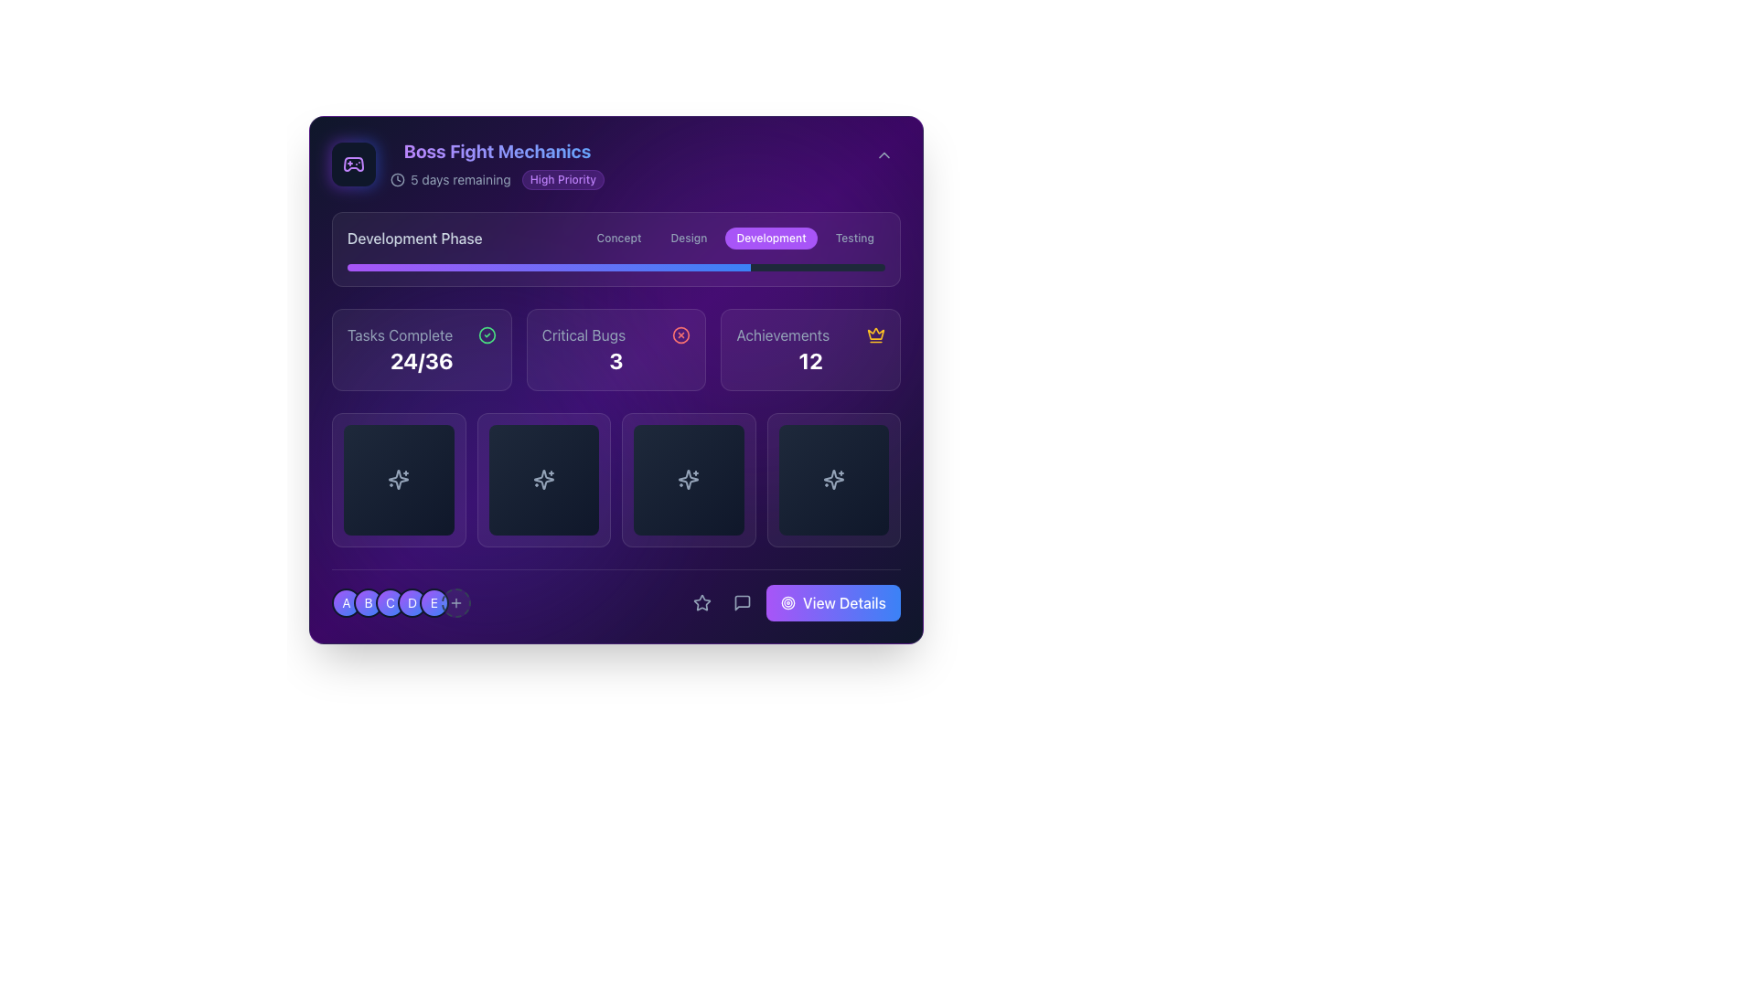 This screenshot has height=987, width=1756. Describe the element at coordinates (875, 334) in the screenshot. I see `the crown icon located in the 'Achievements' section, positioned to the right of the number 12, for information regarding achievements` at that location.